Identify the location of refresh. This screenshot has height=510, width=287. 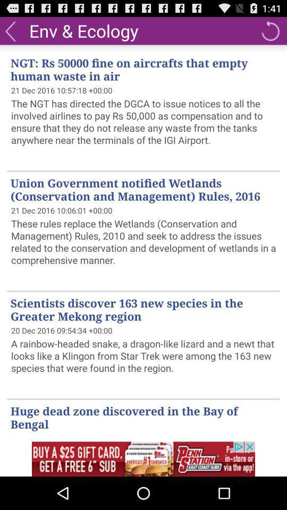
(270, 30).